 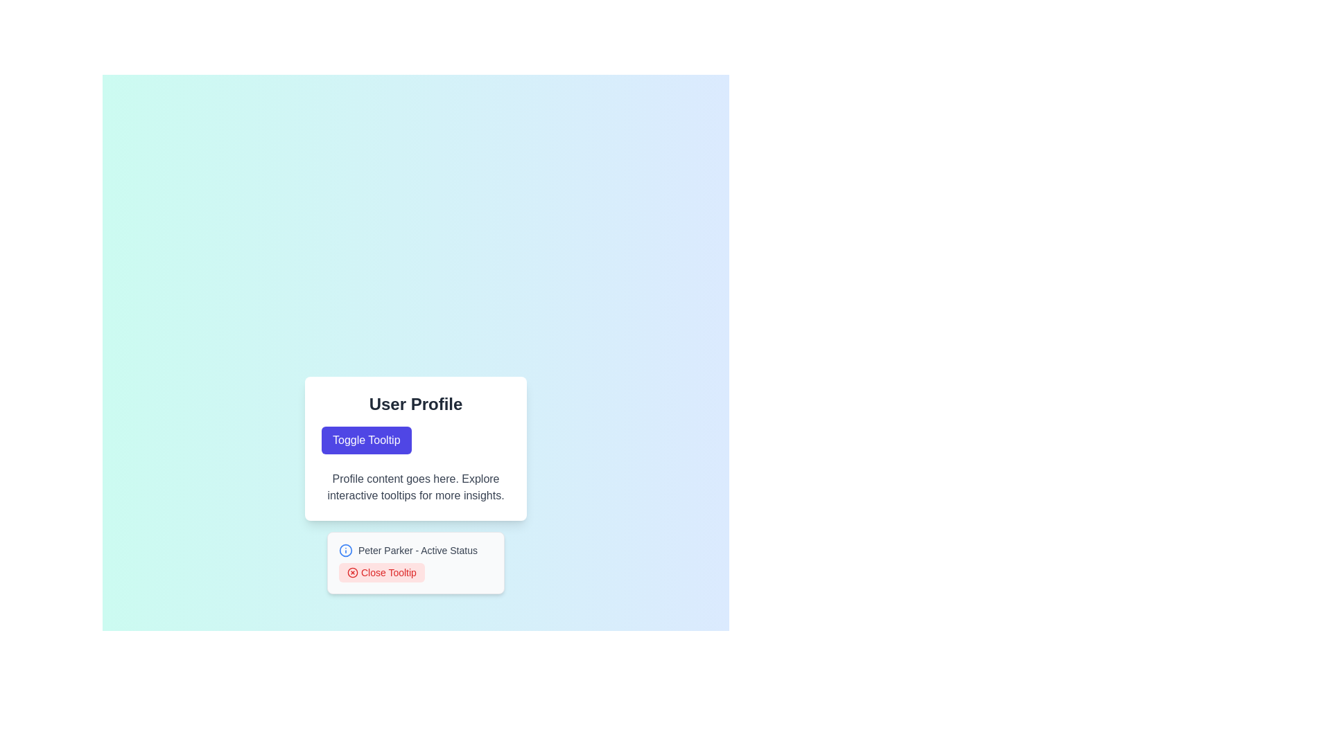 I want to click on the close icon on the 'Close Tooltip' button located below the 'User Profile' information section, so click(x=352, y=572).